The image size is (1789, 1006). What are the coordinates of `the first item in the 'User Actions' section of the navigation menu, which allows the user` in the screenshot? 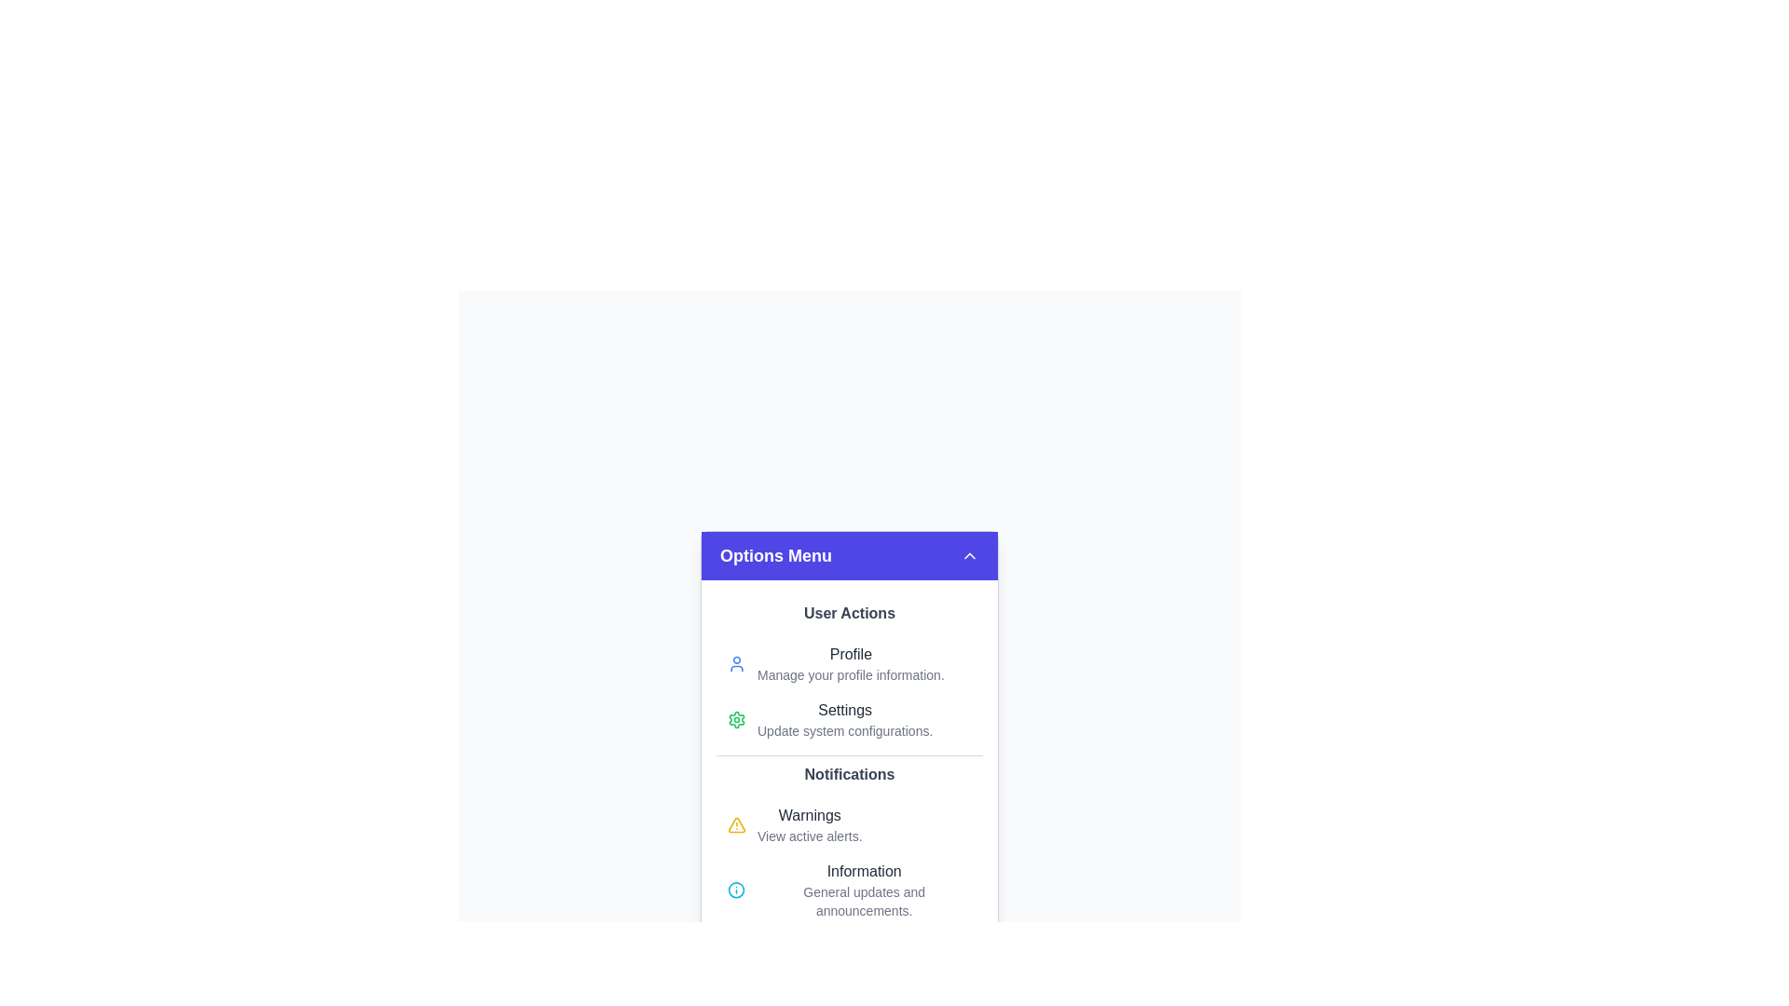 It's located at (850, 663).